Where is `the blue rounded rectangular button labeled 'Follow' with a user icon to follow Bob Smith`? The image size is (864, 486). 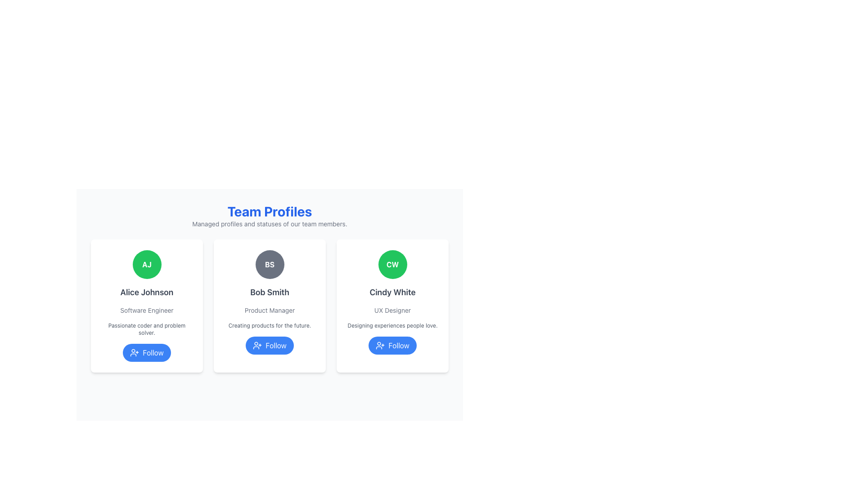 the blue rounded rectangular button labeled 'Follow' with a user icon to follow Bob Smith is located at coordinates (269, 345).